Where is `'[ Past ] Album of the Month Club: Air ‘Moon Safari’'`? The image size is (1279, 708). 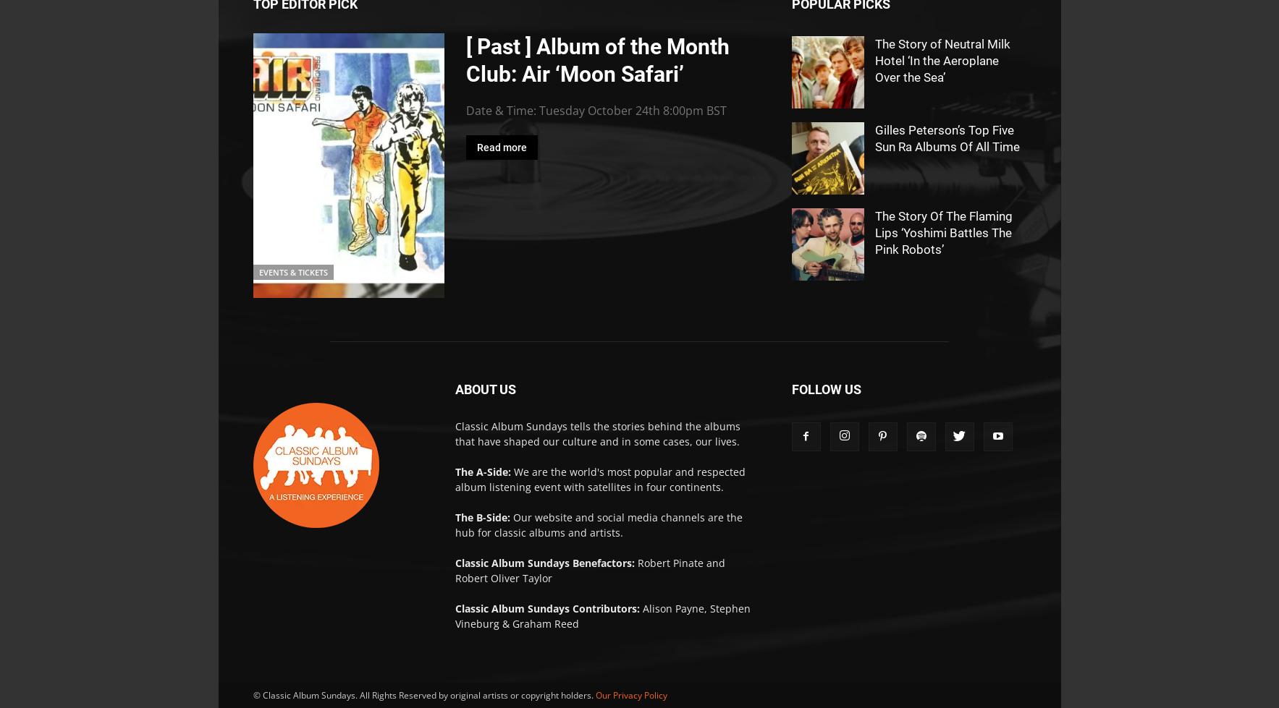 '[ Past ] Album of the Month Club: Air ‘Moon Safari’' is located at coordinates (465, 60).